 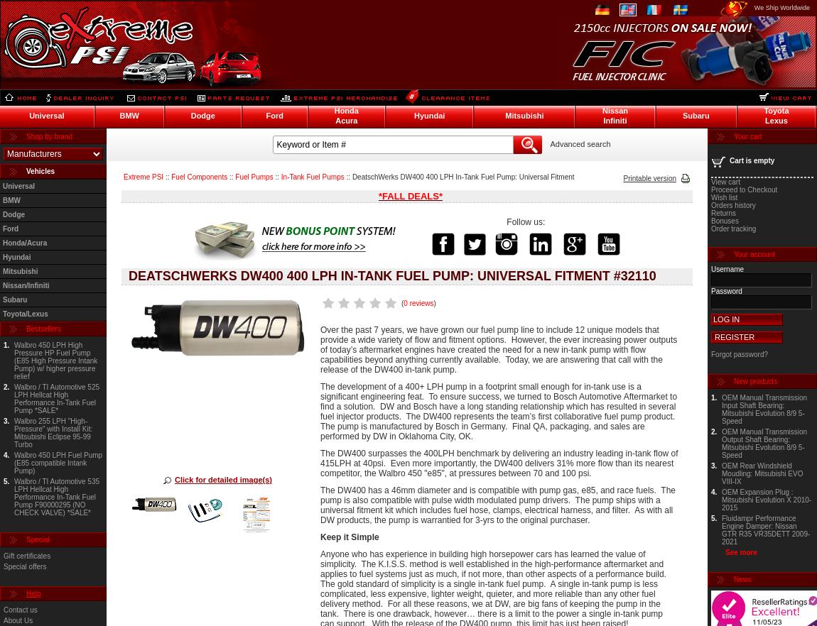 I want to click on '*FALL 
DEALS*', so click(x=409, y=196).